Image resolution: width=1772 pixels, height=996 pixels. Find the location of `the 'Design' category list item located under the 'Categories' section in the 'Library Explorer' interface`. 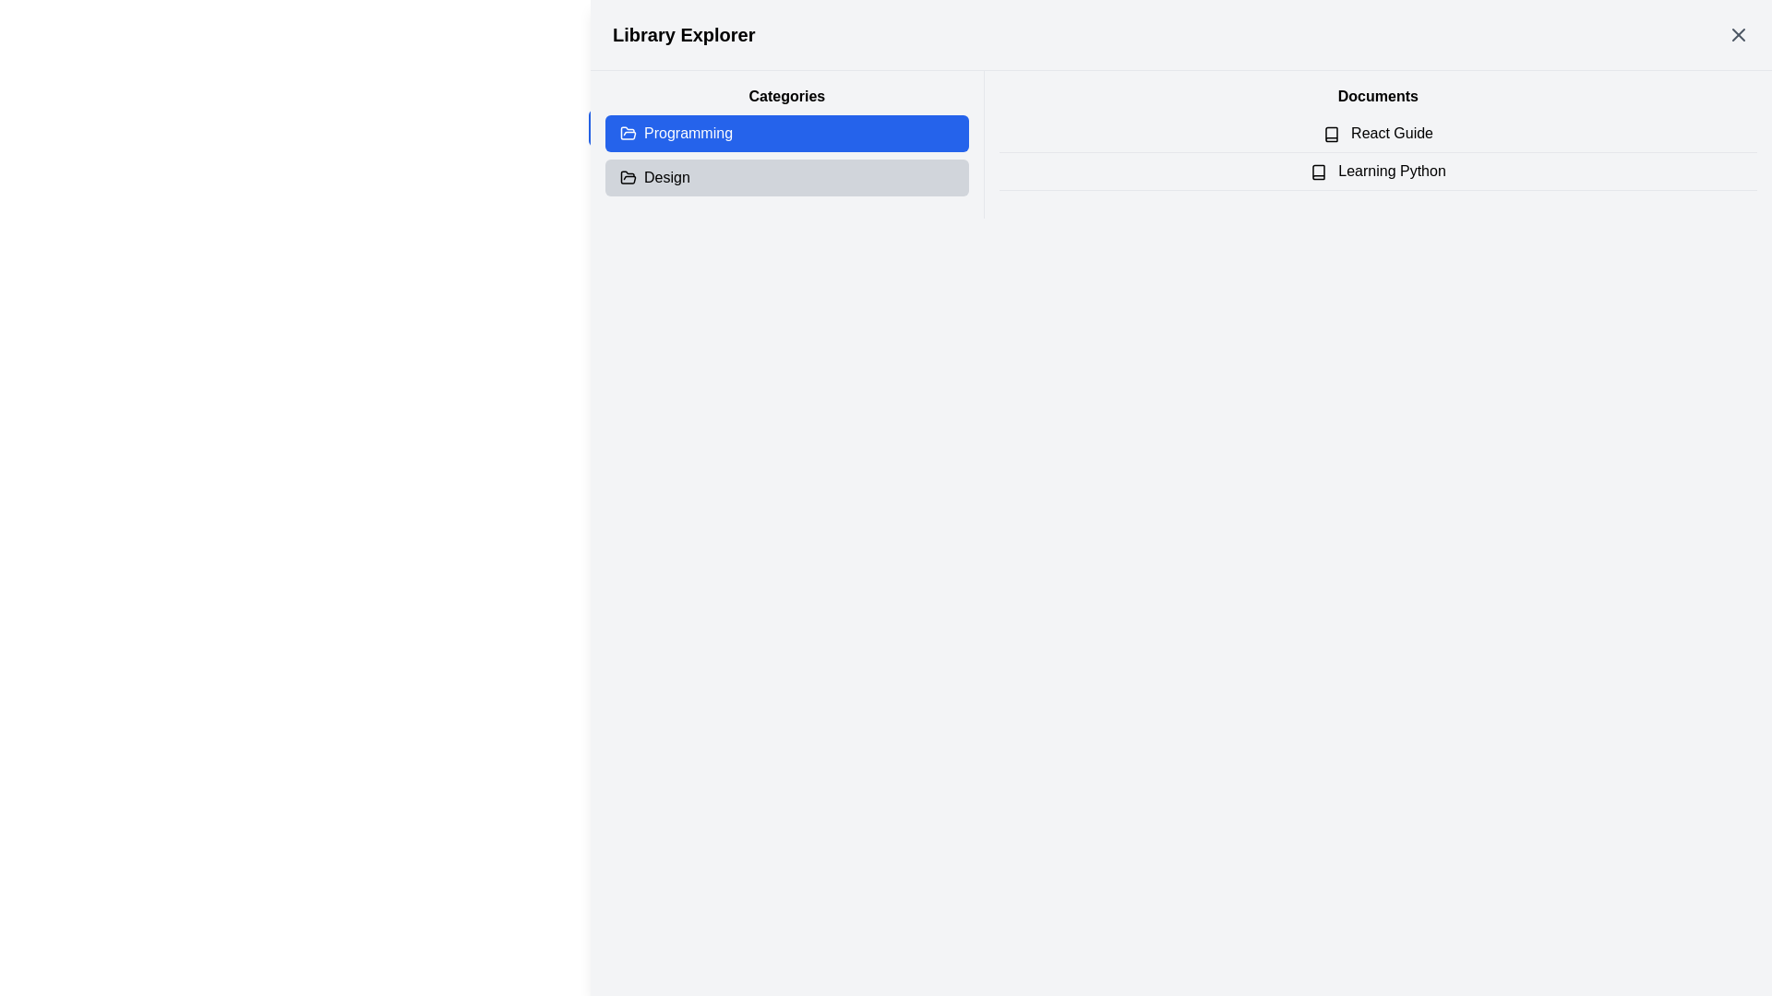

the 'Design' category list item located under the 'Categories' section in the 'Library Explorer' interface is located at coordinates (786, 177).